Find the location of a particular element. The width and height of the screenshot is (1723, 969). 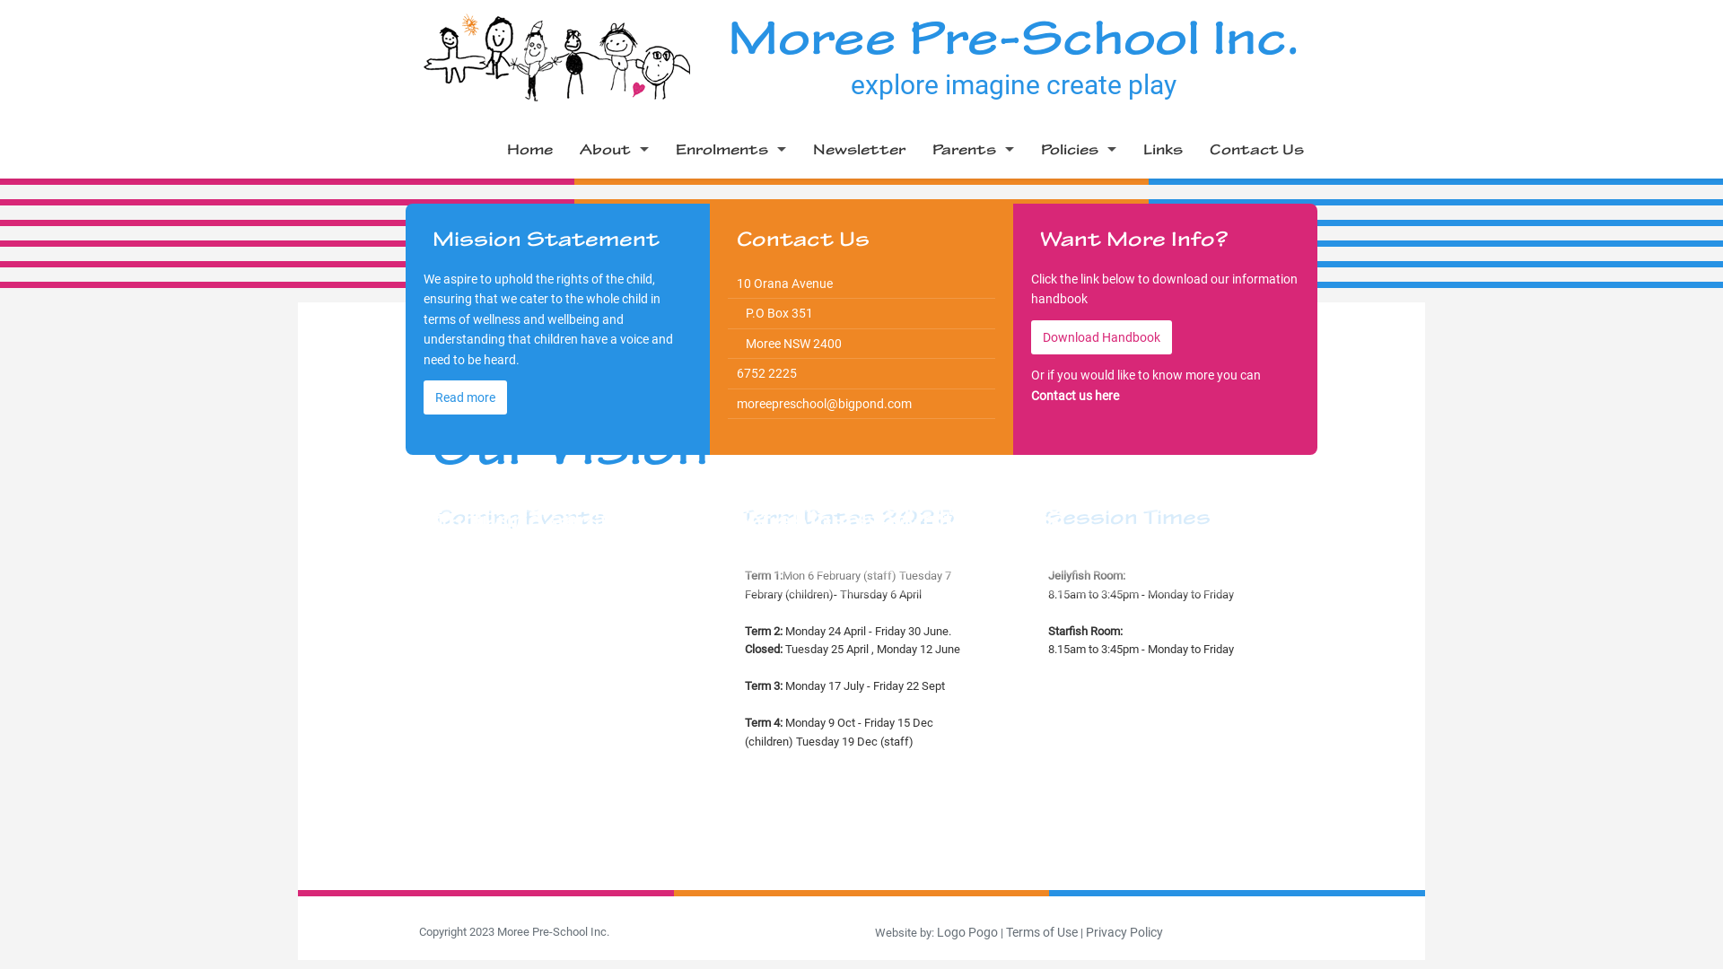

'Events and Celebrations' is located at coordinates (972, 552).